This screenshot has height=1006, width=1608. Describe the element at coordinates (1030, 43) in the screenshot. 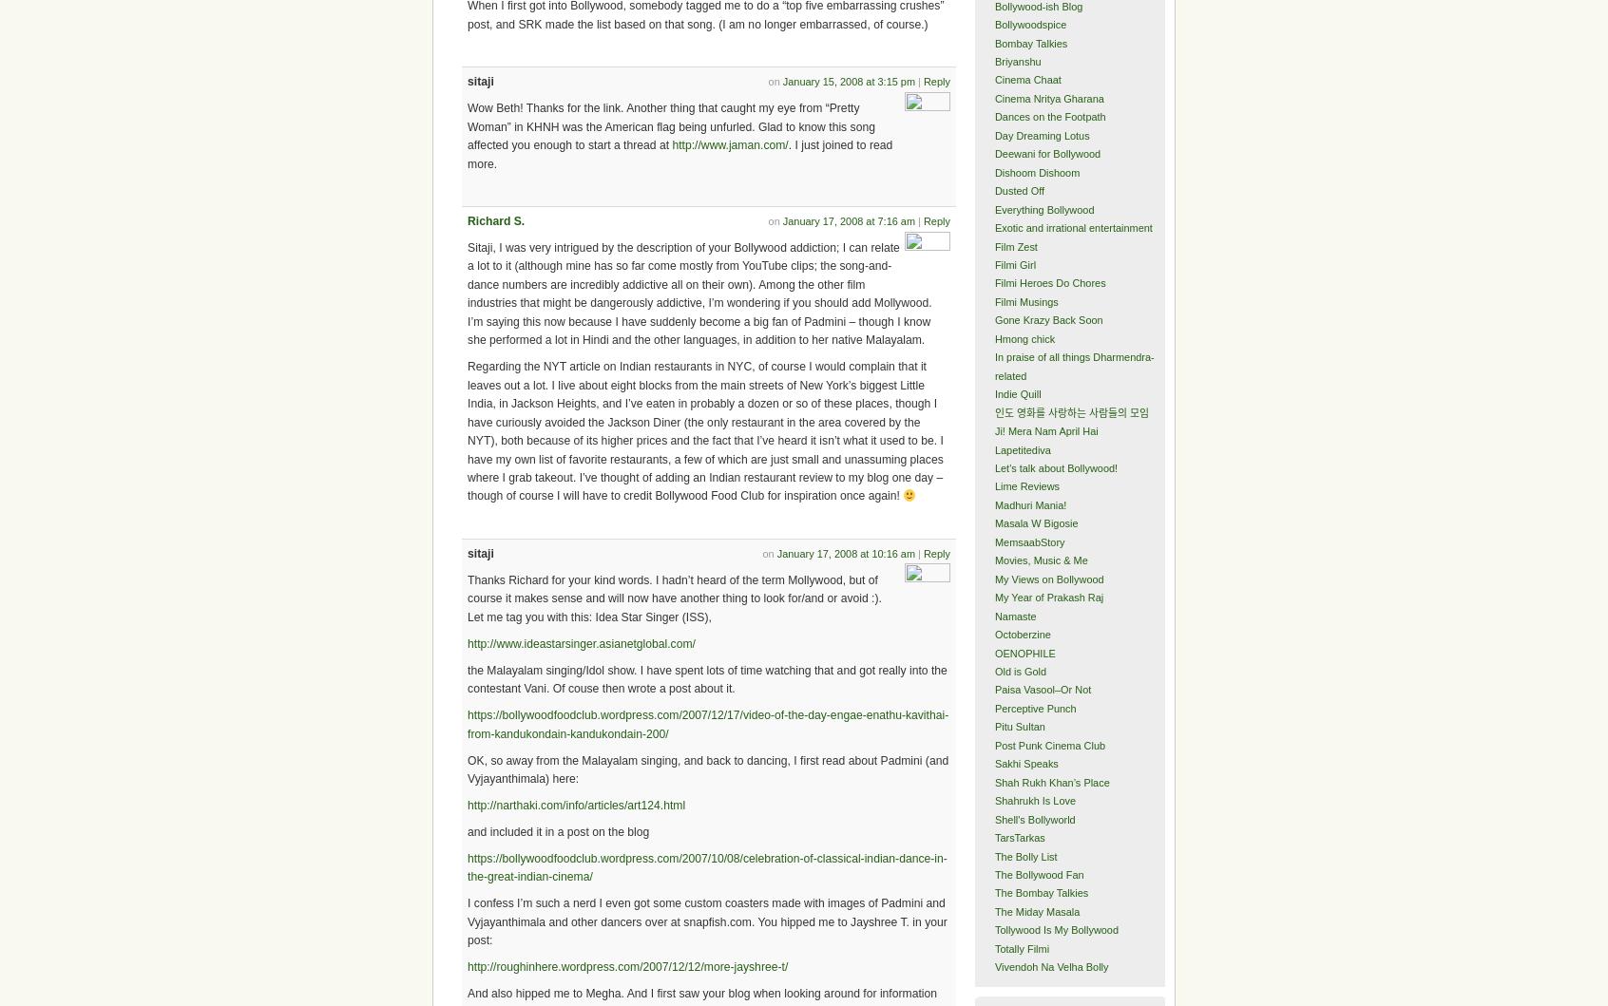

I see `'Bombay Talkies'` at that location.